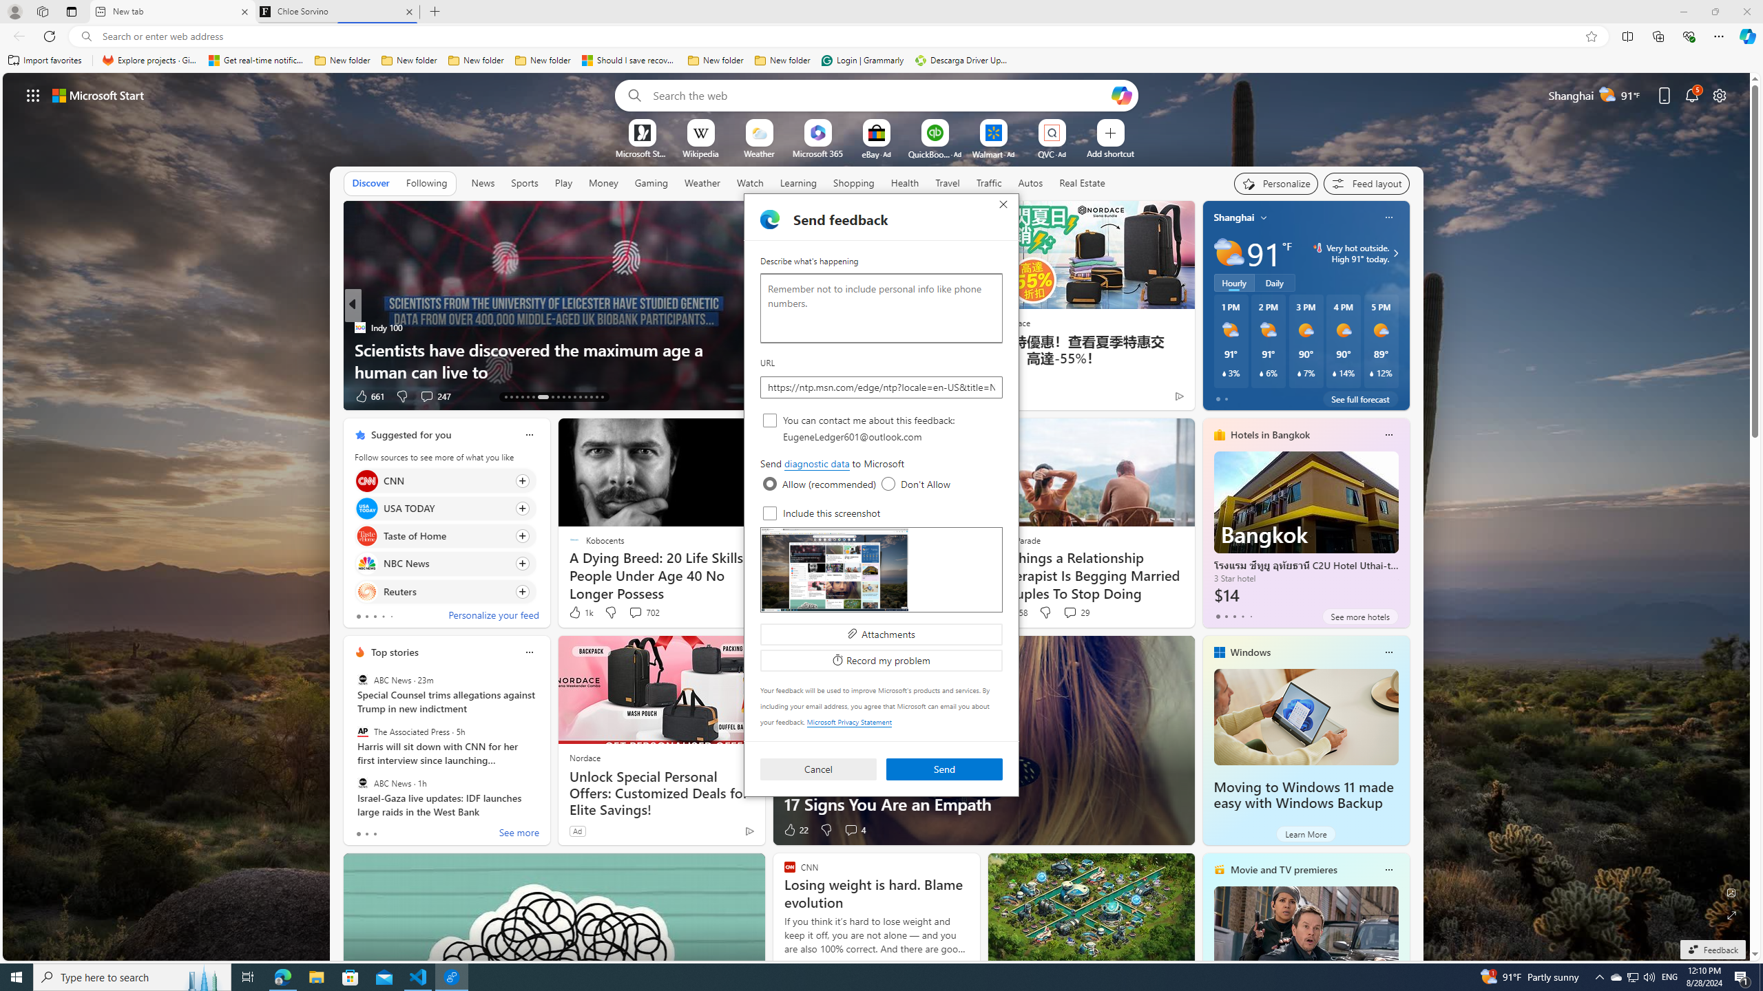  Describe the element at coordinates (574, 397) in the screenshot. I see `'AutomationID: tab-24'` at that location.